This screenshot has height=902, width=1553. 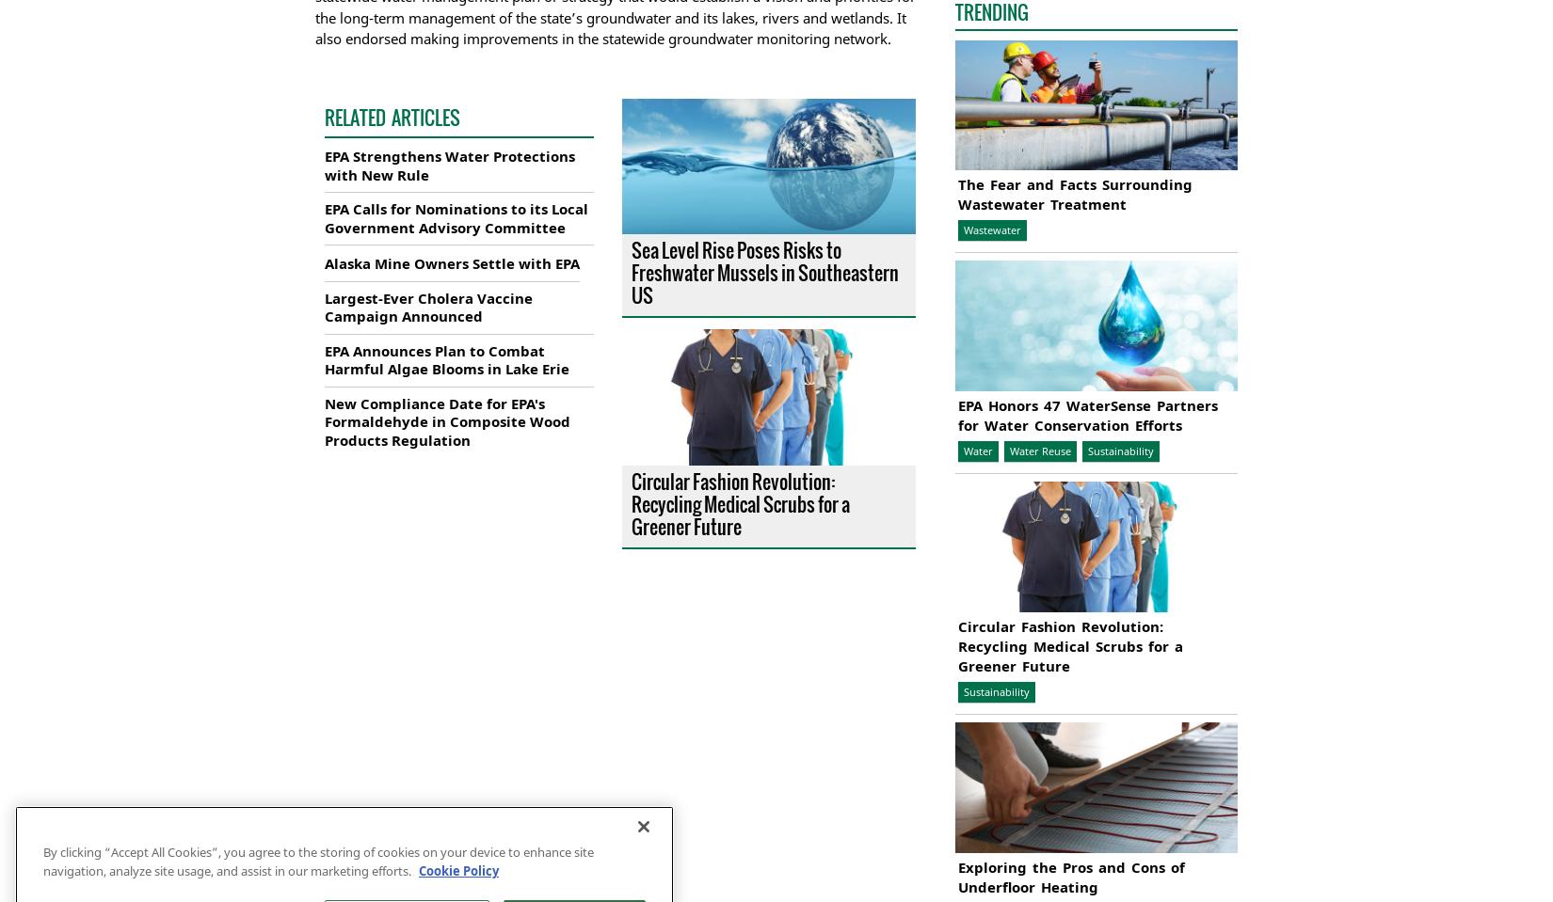 I want to click on 'Exploring the Pros and Cons of Underfloor Heating', so click(x=1071, y=876).